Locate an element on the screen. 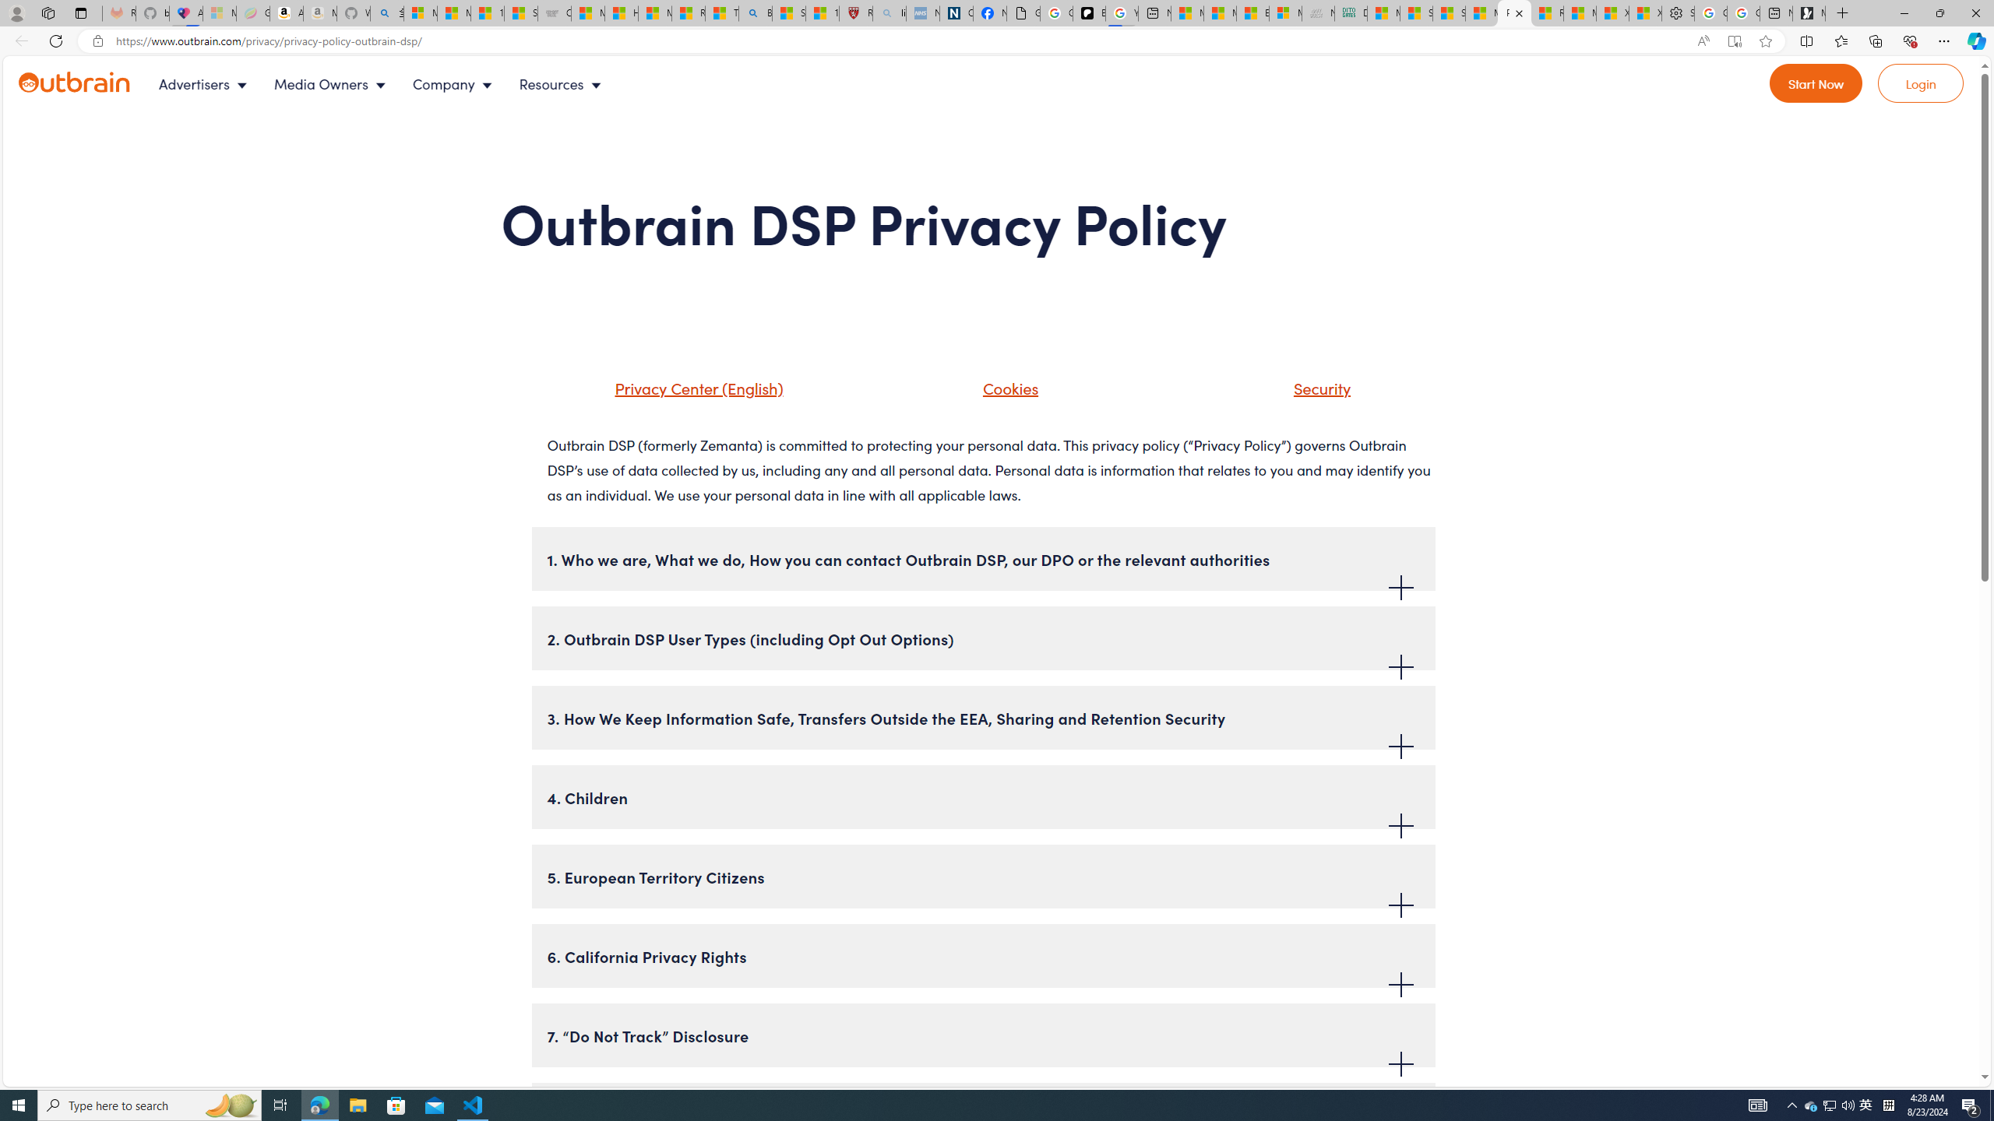  'Company' is located at coordinates (456, 83).